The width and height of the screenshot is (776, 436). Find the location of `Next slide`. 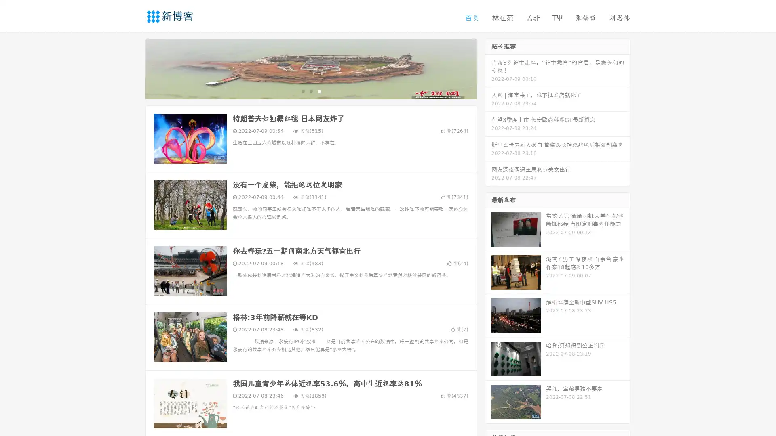

Next slide is located at coordinates (488, 68).